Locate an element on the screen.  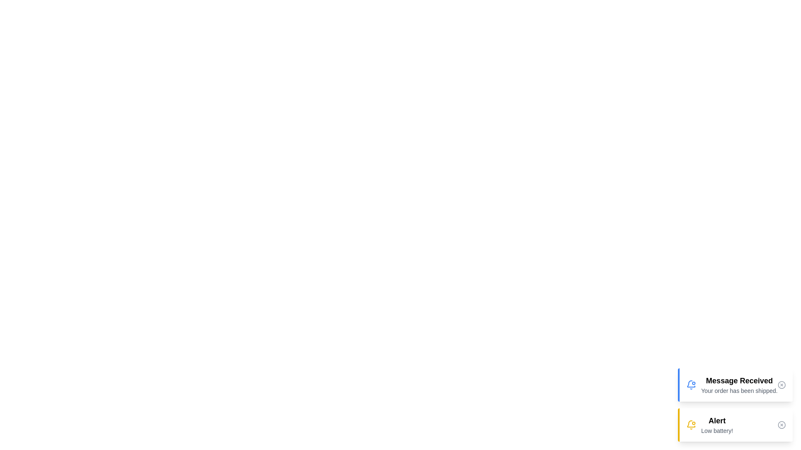
the close button of the notification to dismiss it is located at coordinates (781, 385).